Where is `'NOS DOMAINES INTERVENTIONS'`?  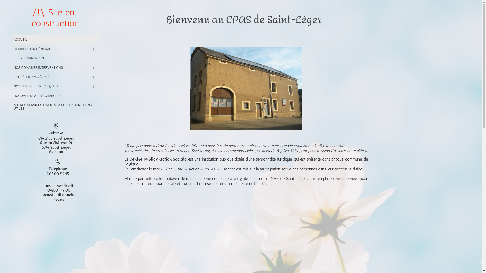 'NOS DOMAINES INTERVENTIONS' is located at coordinates (56, 67).